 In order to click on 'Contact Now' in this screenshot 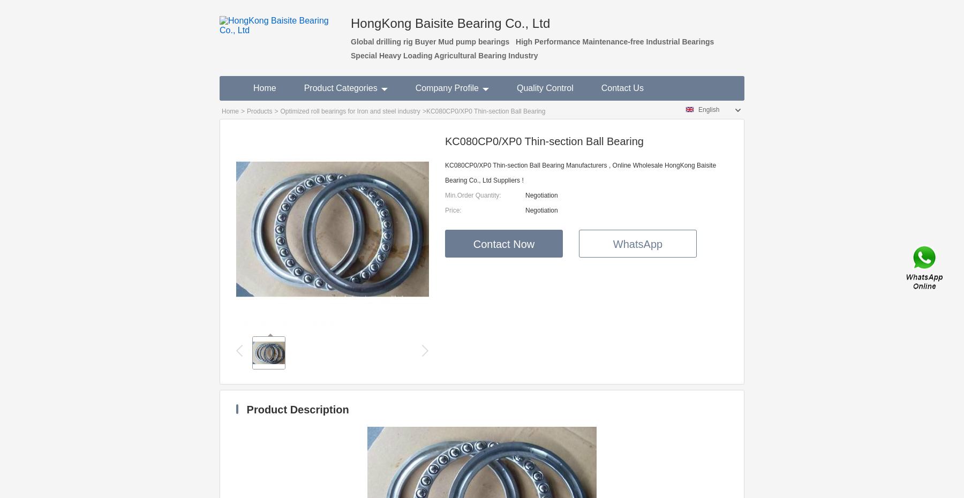, I will do `click(503, 244)`.